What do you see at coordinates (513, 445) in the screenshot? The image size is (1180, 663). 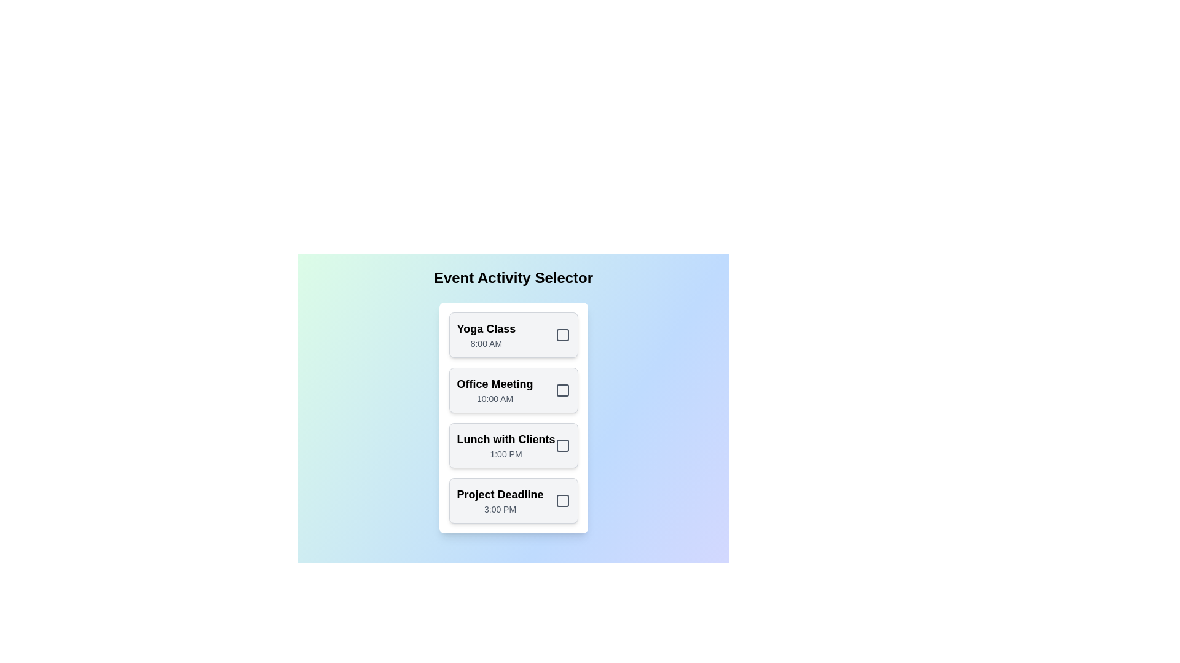 I see `the activity card corresponding to Lunch with Clients to toggle its selection state` at bounding box center [513, 445].